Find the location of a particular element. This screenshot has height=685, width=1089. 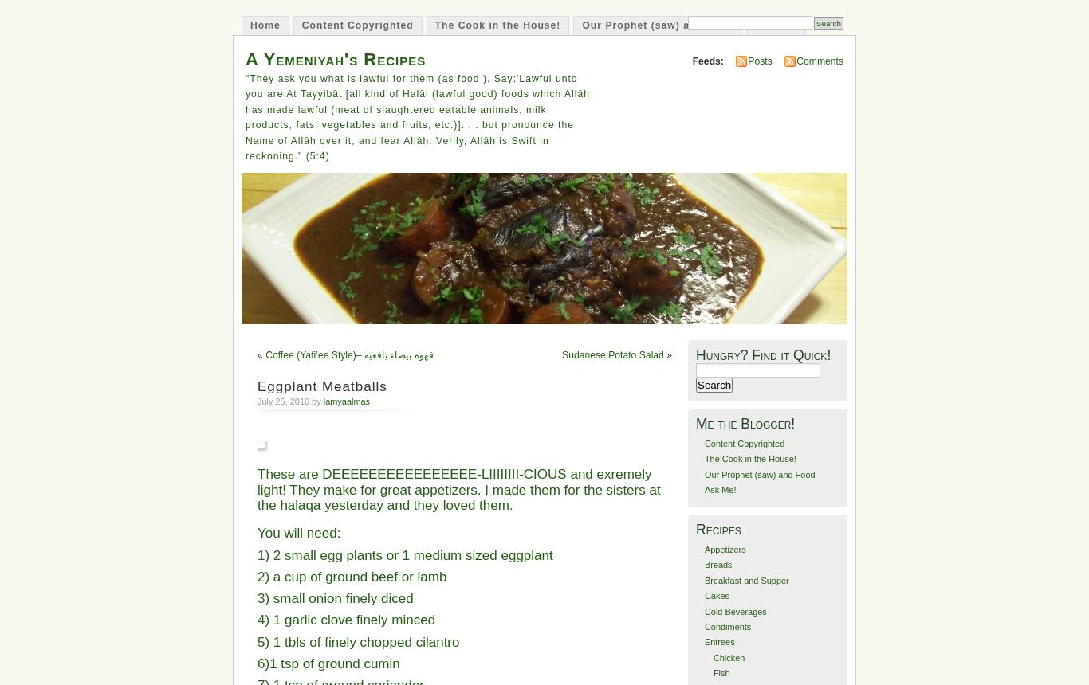

'You will need:' is located at coordinates (297, 533).